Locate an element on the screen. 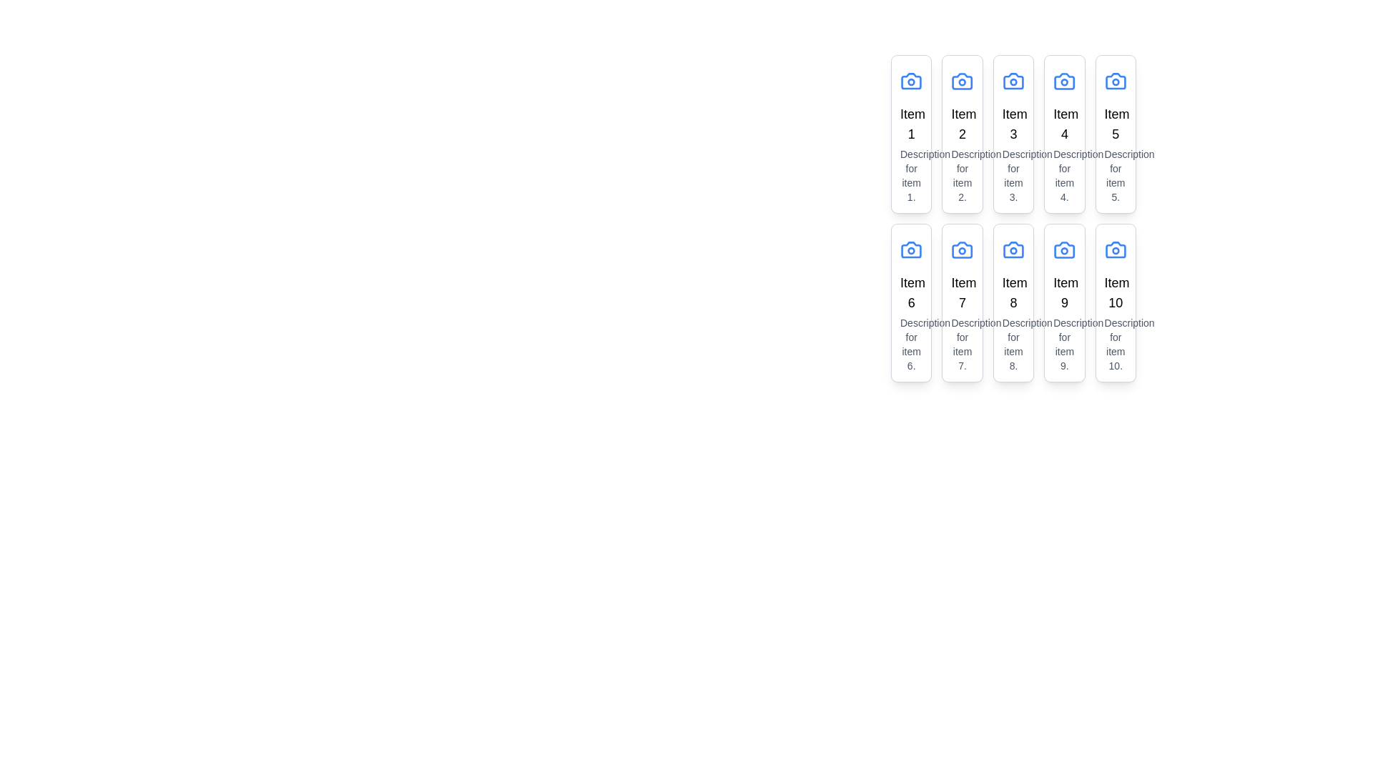  the photo-related icon located in 'Item 9' card on the second row and fourth column is located at coordinates (1064, 249).